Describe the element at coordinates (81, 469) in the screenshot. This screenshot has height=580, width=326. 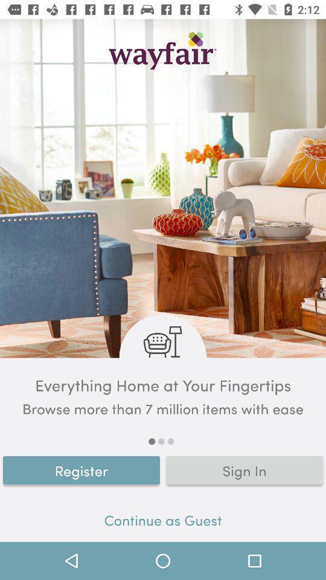
I see `the icon to the left of the sign in item` at that location.